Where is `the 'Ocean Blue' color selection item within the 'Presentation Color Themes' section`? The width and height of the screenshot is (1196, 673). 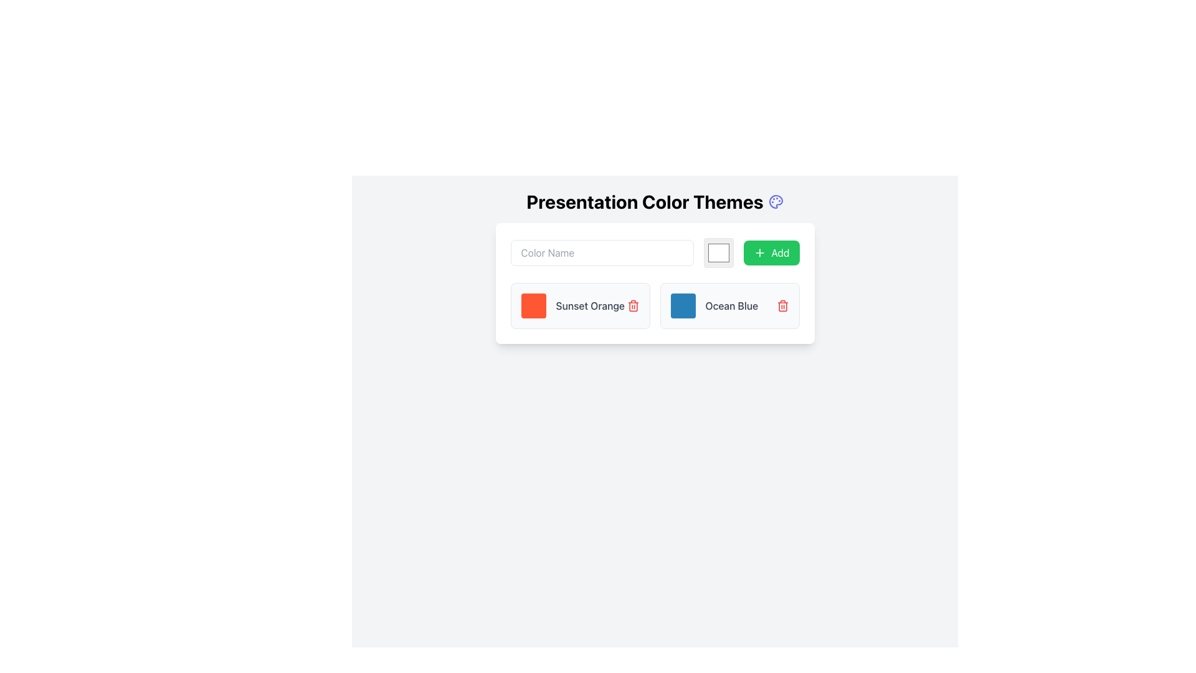
the 'Ocean Blue' color selection item within the 'Presentation Color Themes' section is located at coordinates (729, 305).